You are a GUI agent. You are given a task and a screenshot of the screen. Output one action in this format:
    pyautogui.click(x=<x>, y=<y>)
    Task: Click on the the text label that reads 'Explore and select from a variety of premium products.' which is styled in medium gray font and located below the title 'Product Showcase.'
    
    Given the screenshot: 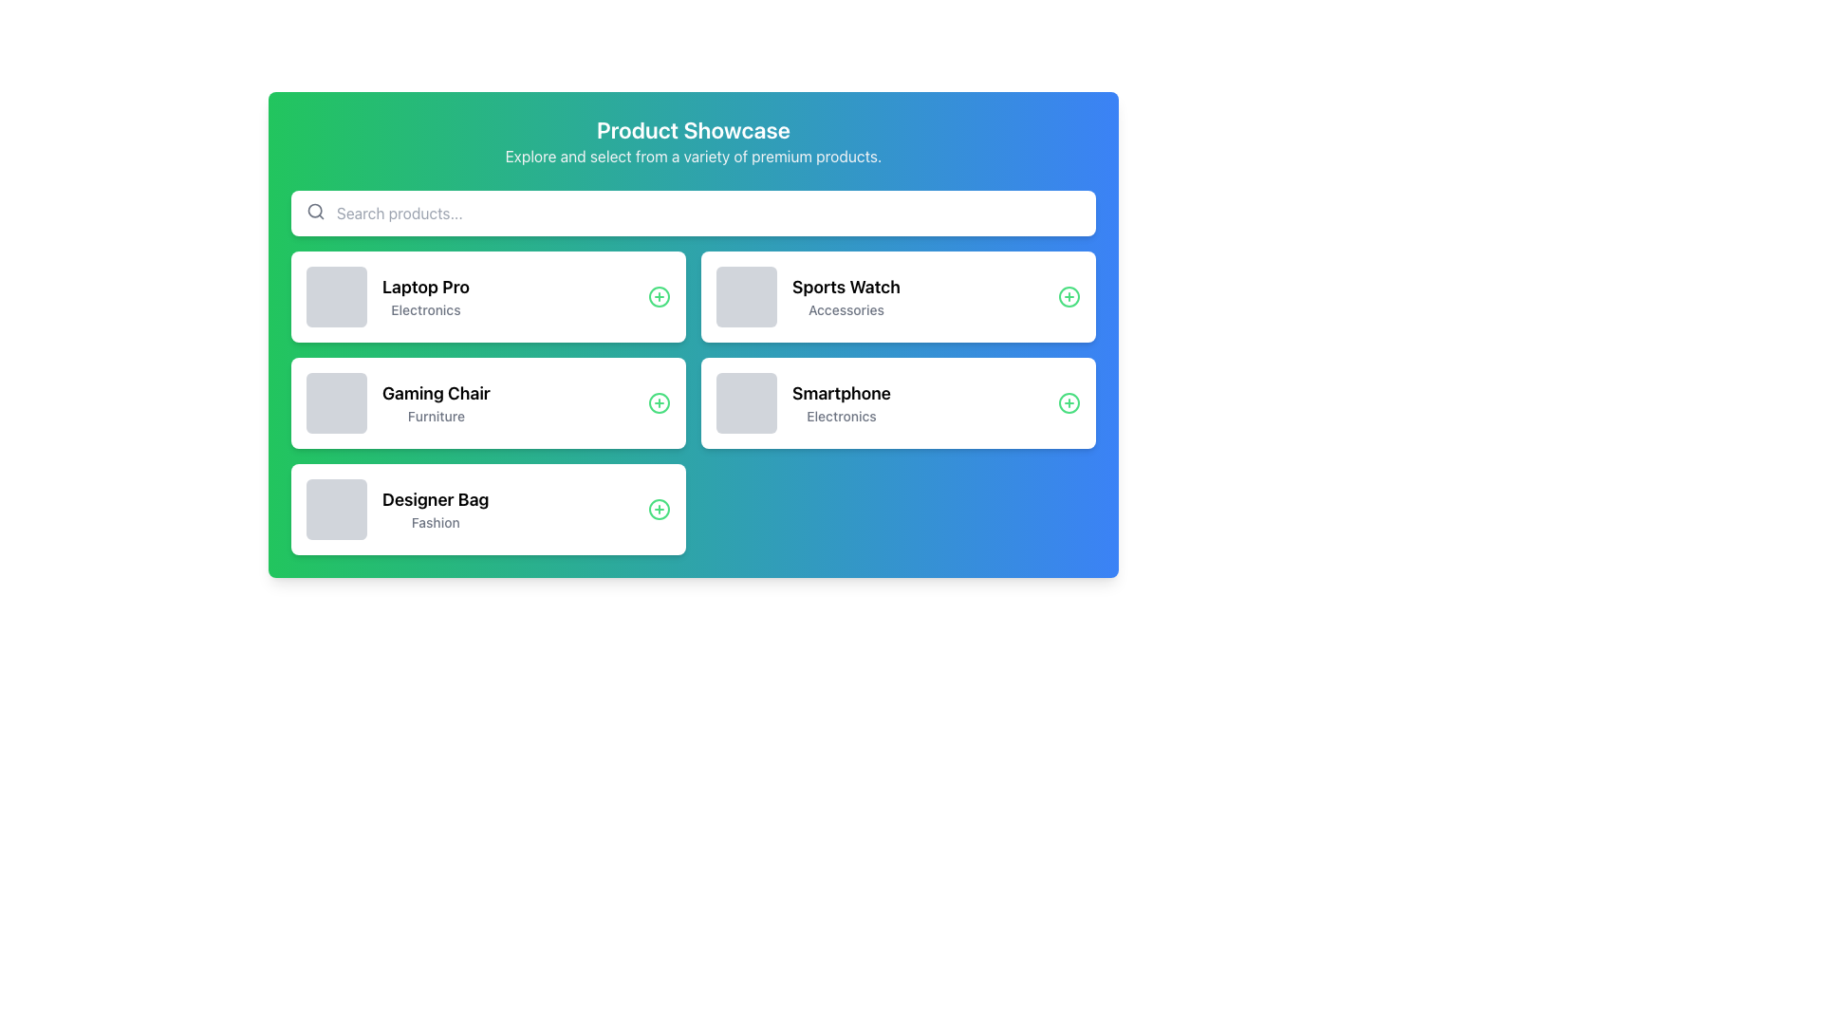 What is the action you would take?
    pyautogui.click(x=692, y=156)
    